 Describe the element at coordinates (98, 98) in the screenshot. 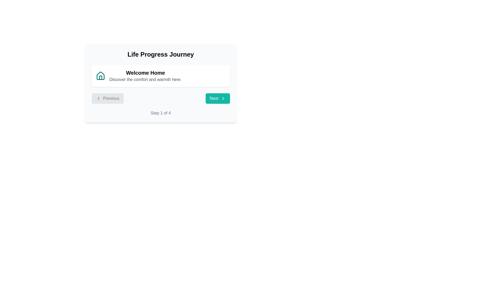

I see `the 'Previous' button icon located on the left side of the button, adjacent to the text label 'Previous'` at that location.